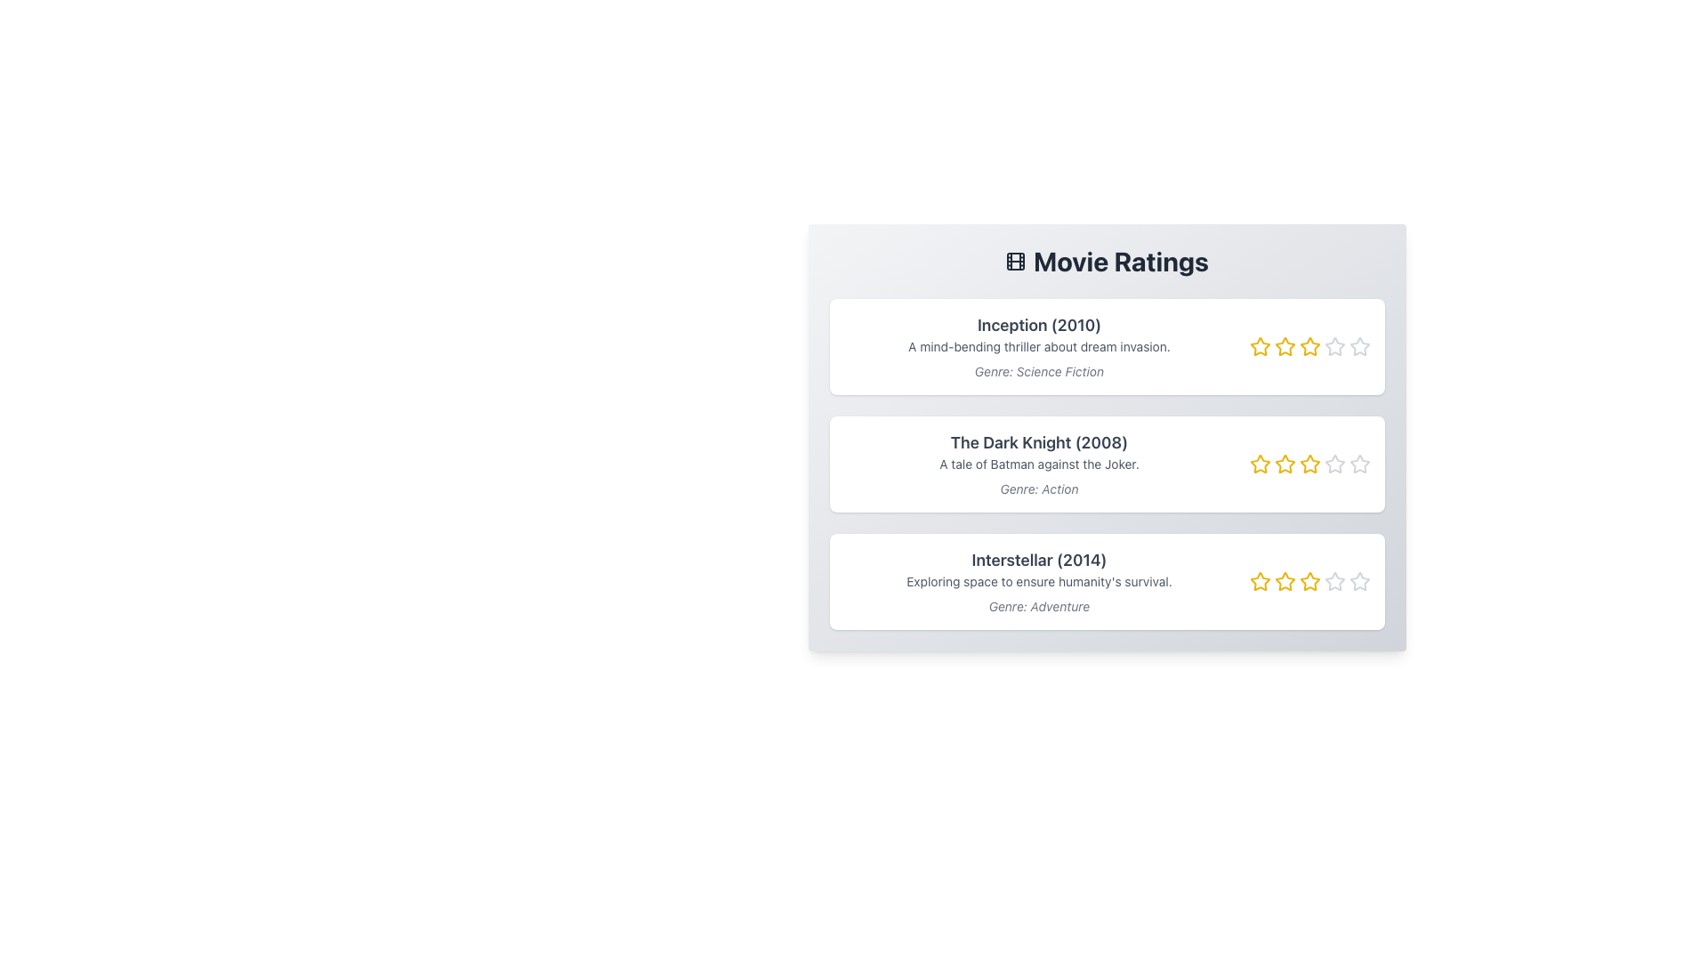 Image resolution: width=1708 pixels, height=961 pixels. I want to click on the second yellow star icon in the rating component for the movie 'The Dark Knight (2008)' to rate it, so click(1285, 463).